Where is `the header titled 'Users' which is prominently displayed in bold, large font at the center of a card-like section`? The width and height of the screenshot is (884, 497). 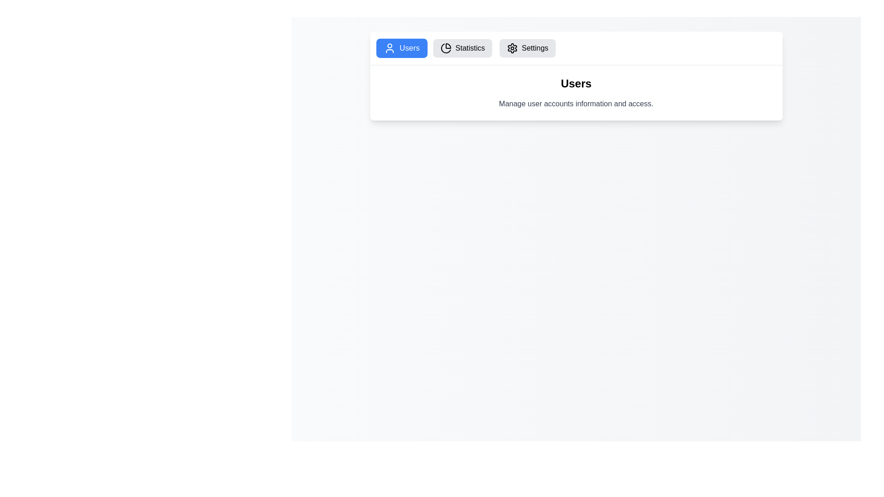 the header titled 'Users' which is prominently displayed in bold, large font at the center of a card-like section is located at coordinates (576, 83).